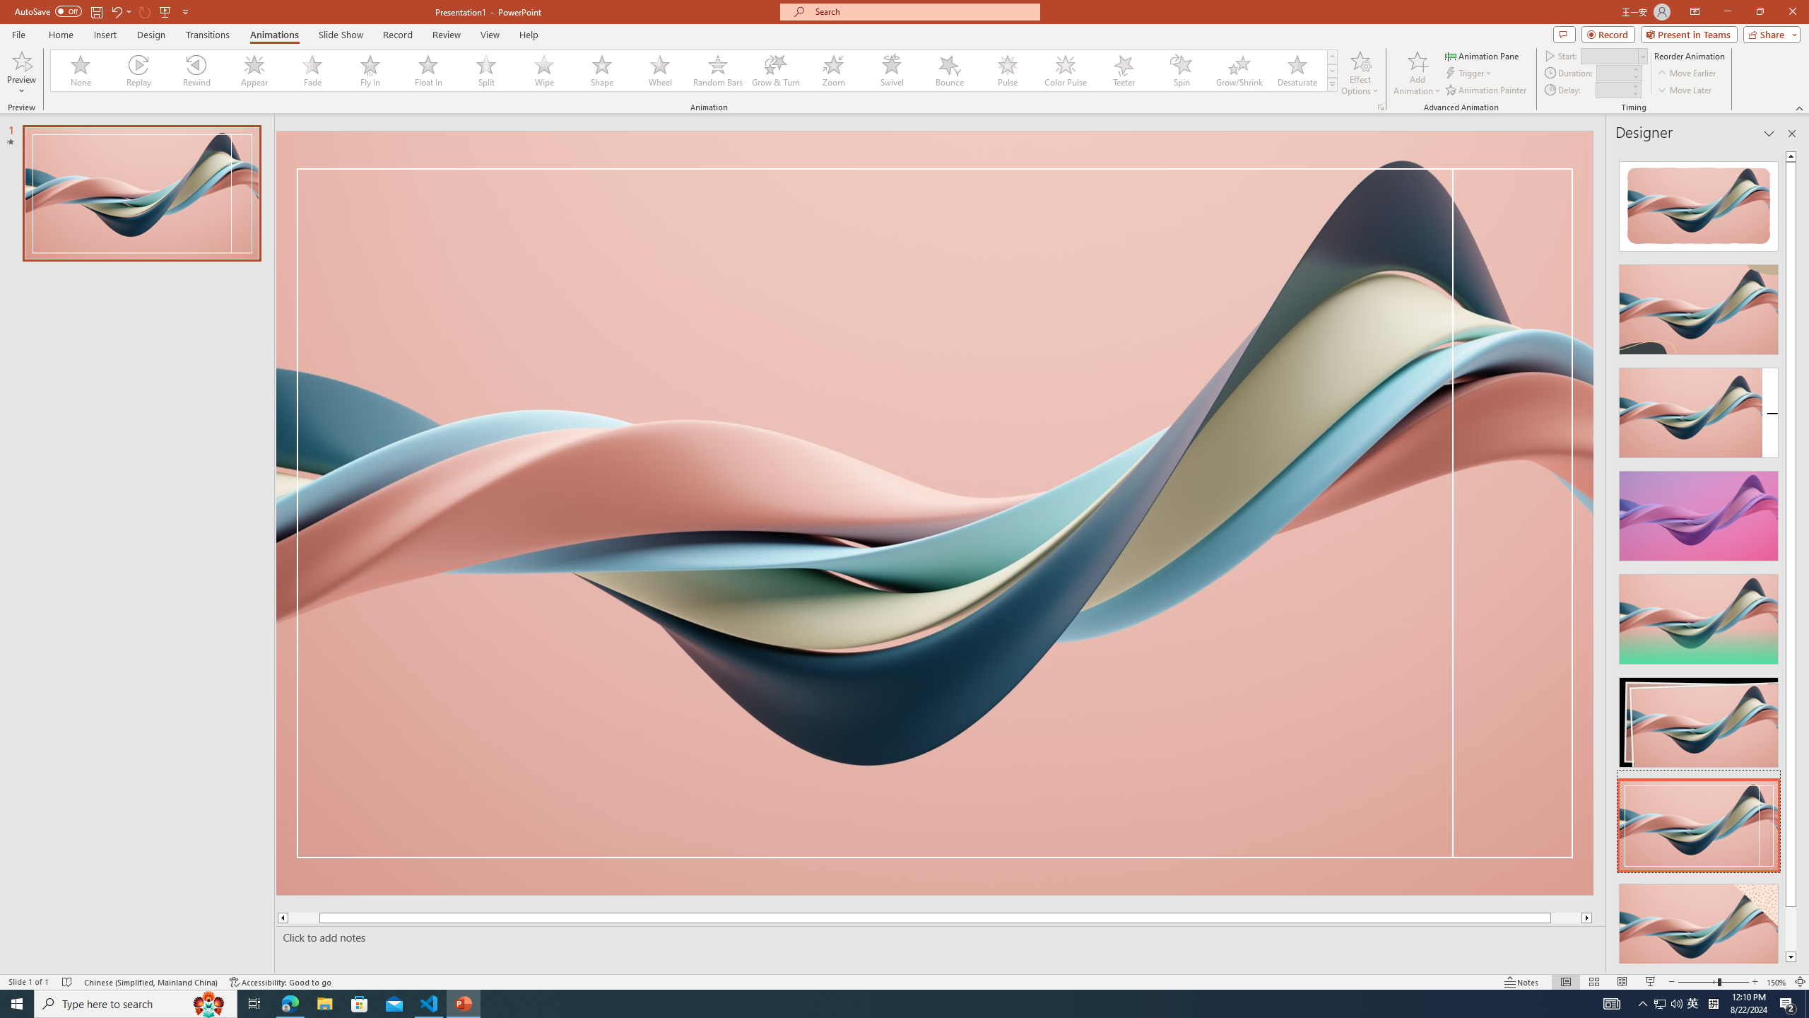 Image resolution: width=1809 pixels, height=1018 pixels. Describe the element at coordinates (1686, 73) in the screenshot. I see `'Move Earlier'` at that location.